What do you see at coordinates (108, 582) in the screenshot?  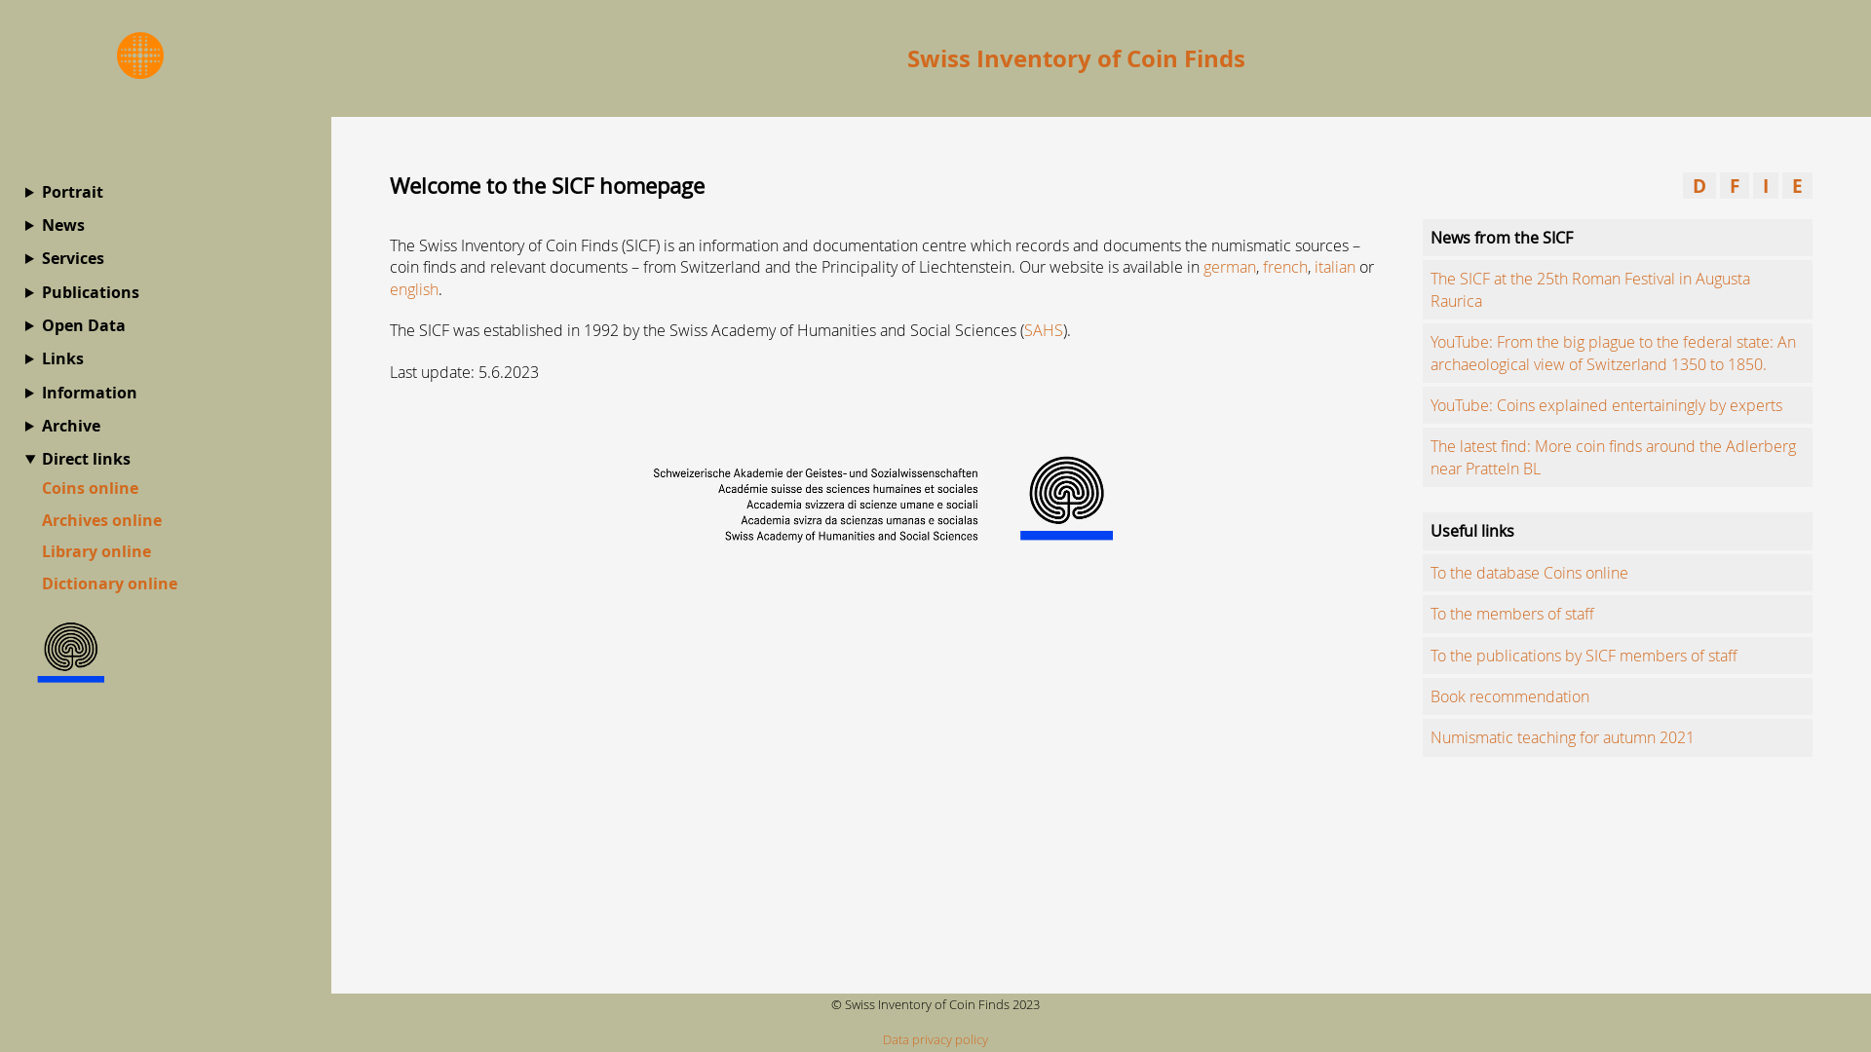 I see `'Dictionary online'` at bounding box center [108, 582].